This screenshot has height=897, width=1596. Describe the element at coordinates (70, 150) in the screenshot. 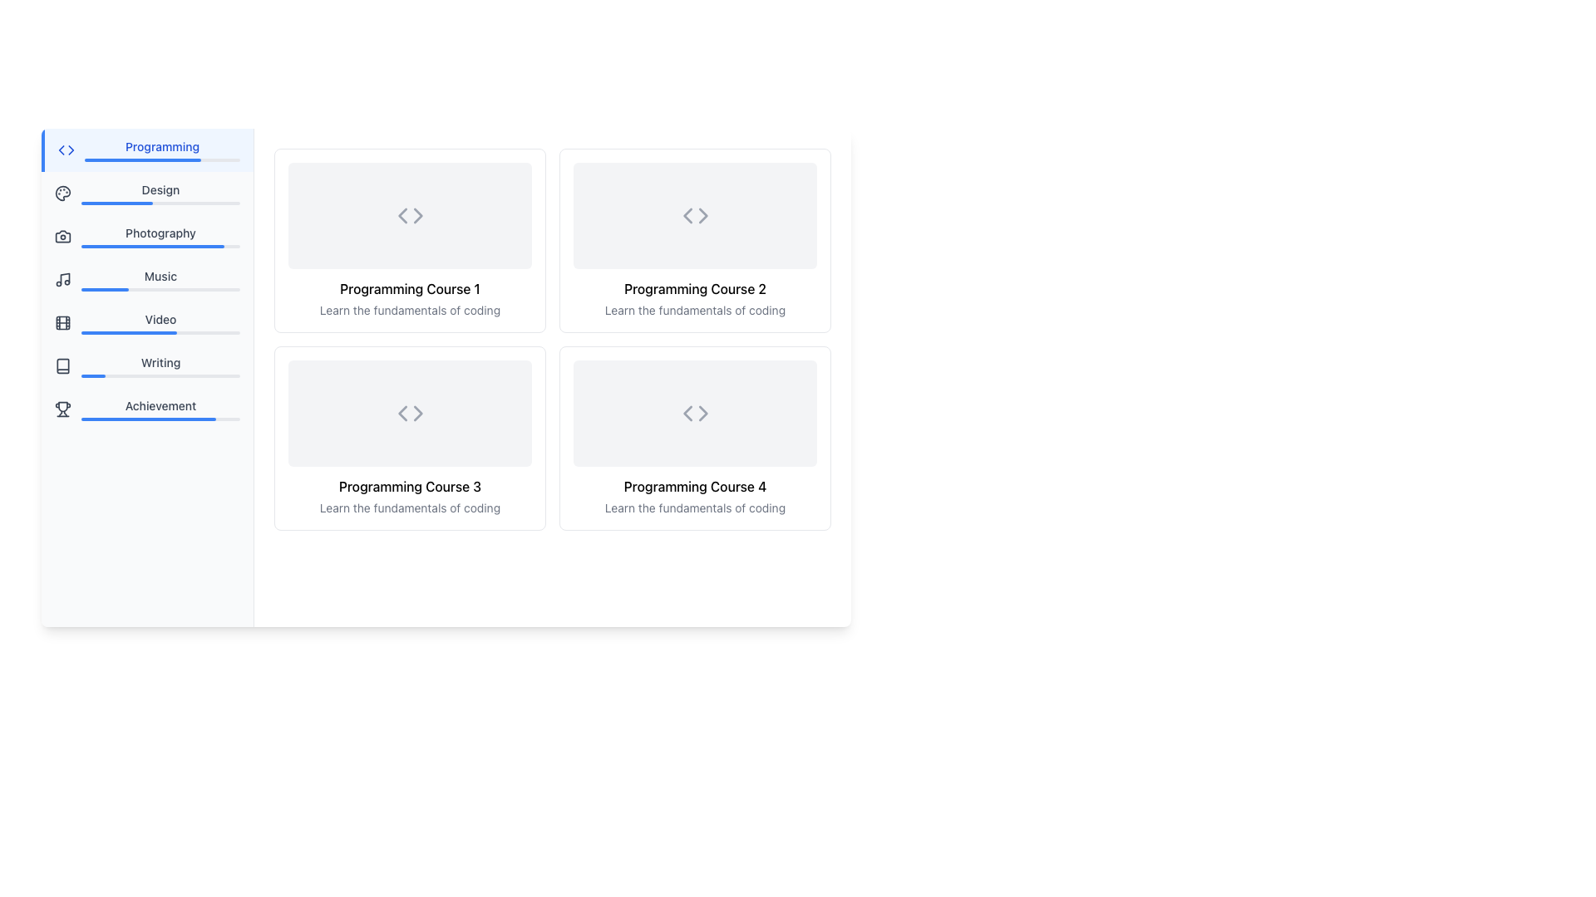

I see `the triangular arrow element in the left navigation bar, which represents a 'greater-than' or 'rightward' action within the coding icon context` at that location.